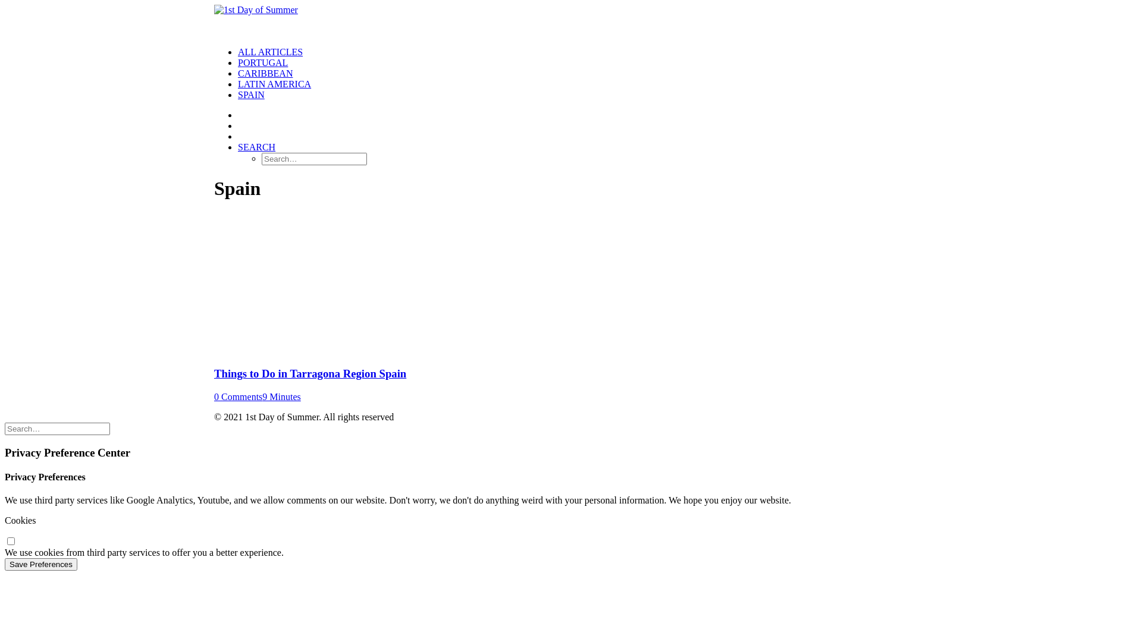 Image resolution: width=1142 pixels, height=642 pixels. I want to click on 'Things to Do in Tarragona Region Spain, so click(571, 385).